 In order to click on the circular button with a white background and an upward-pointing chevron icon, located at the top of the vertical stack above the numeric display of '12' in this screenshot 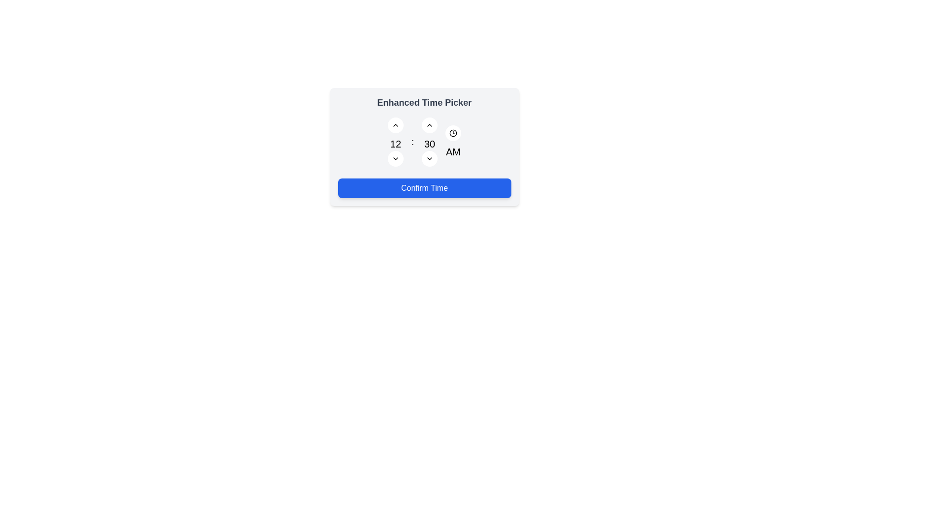, I will do `click(395, 124)`.